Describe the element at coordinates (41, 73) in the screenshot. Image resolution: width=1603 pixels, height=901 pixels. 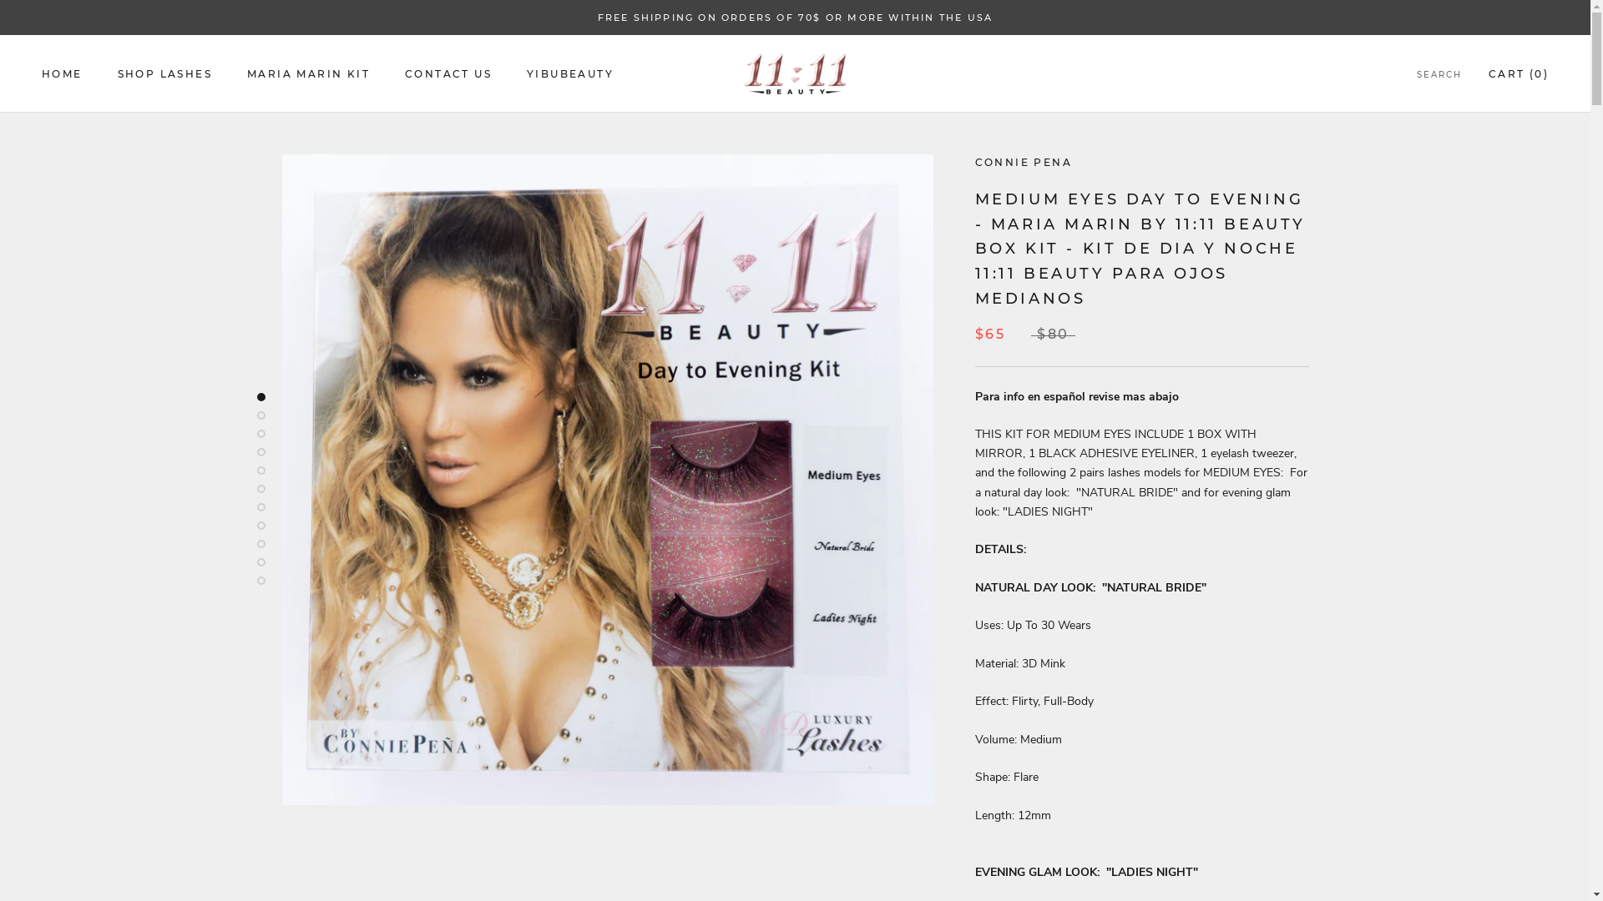
I see `'HOME` at that location.